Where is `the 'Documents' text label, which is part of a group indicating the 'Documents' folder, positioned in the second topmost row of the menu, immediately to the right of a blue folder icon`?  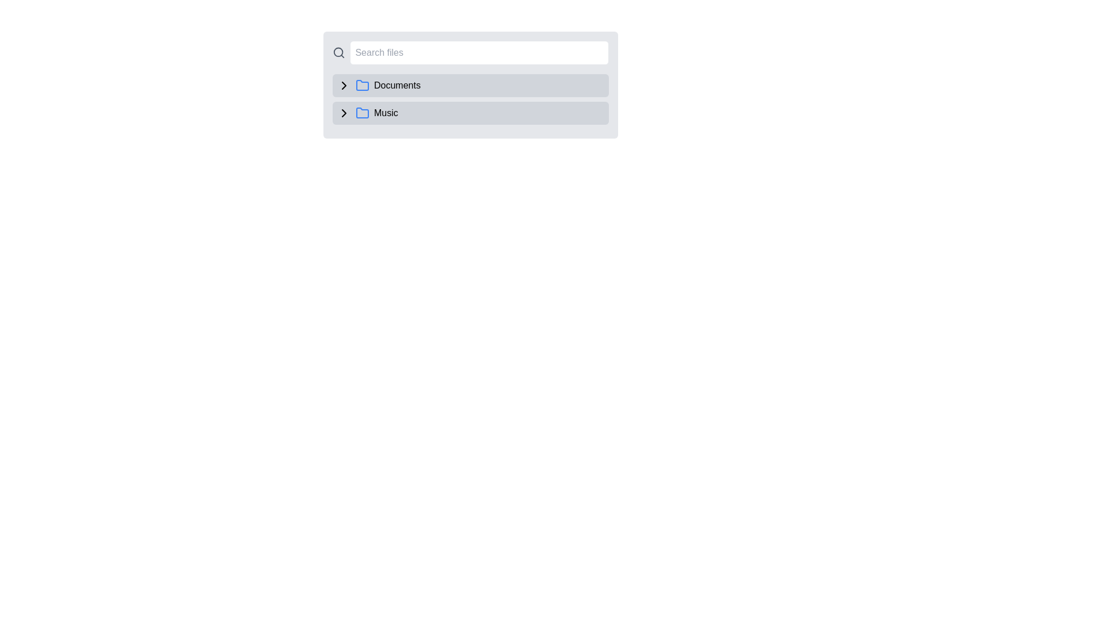 the 'Documents' text label, which is part of a group indicating the 'Documents' folder, positioned in the second topmost row of the menu, immediately to the right of a blue folder icon is located at coordinates (397, 85).